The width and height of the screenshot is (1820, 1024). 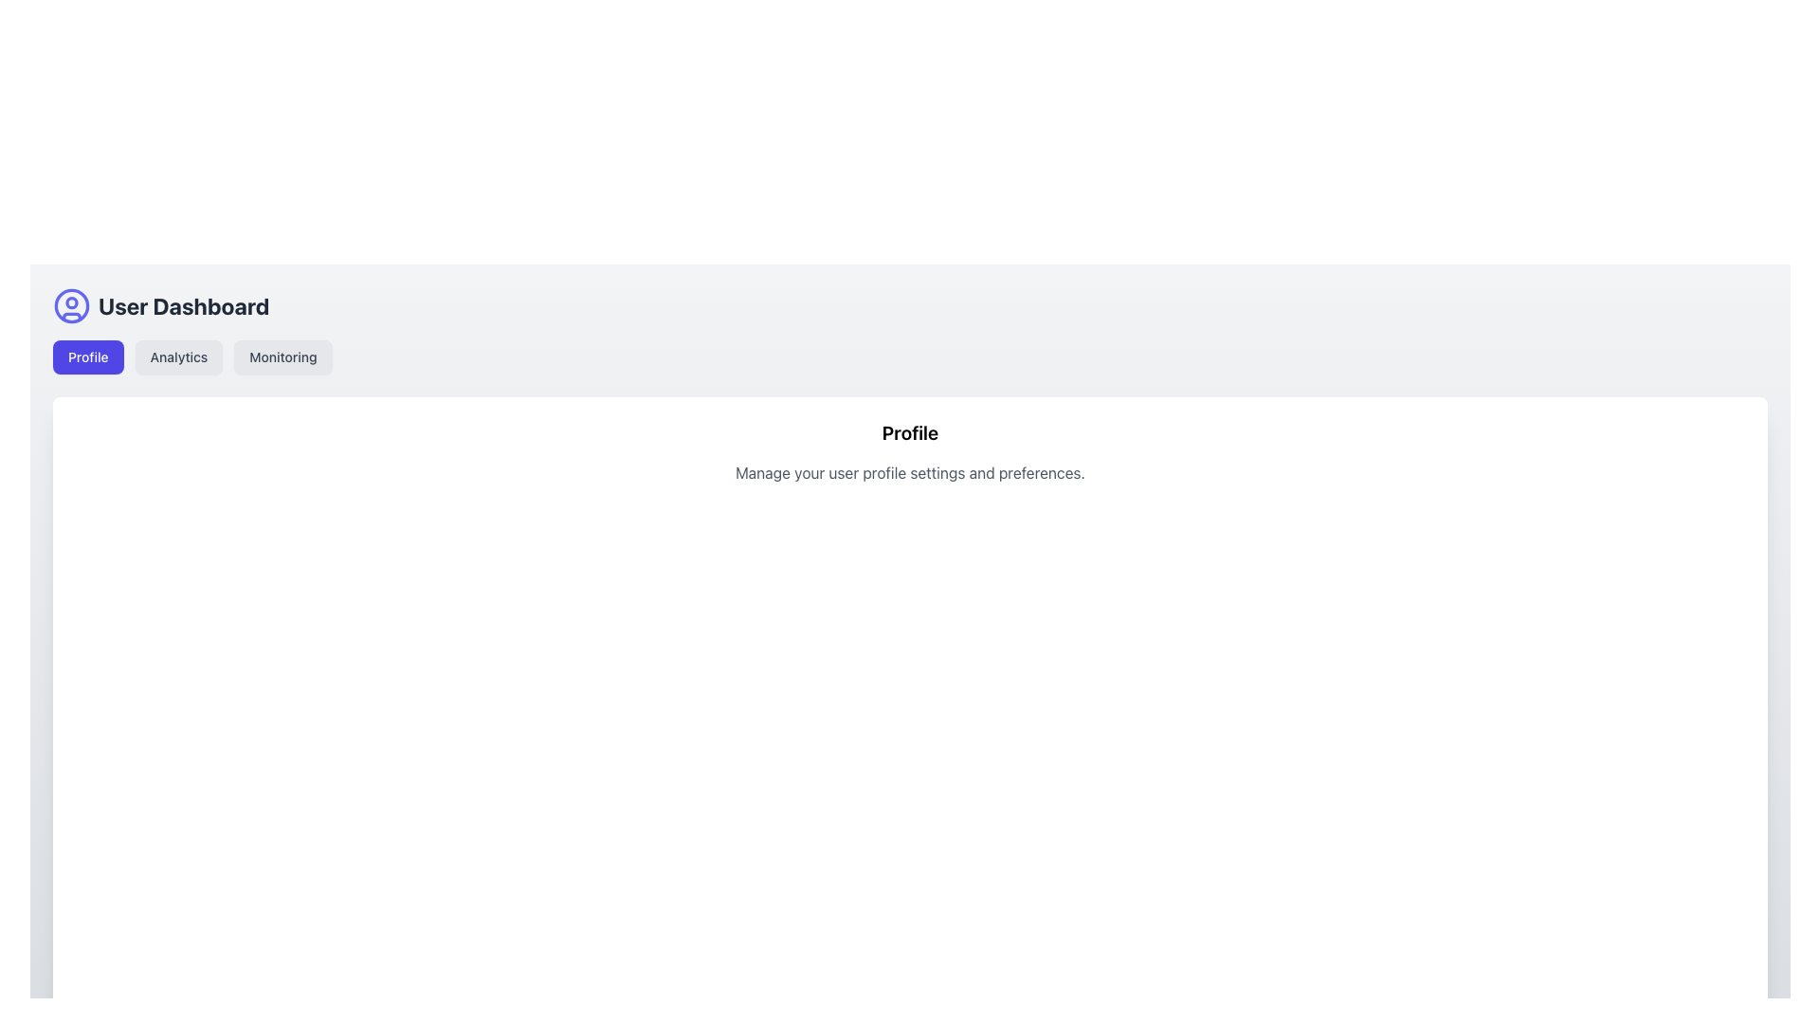 What do you see at coordinates (282, 357) in the screenshot?
I see `the 'Monitoring' button, which is the third button in a row` at bounding box center [282, 357].